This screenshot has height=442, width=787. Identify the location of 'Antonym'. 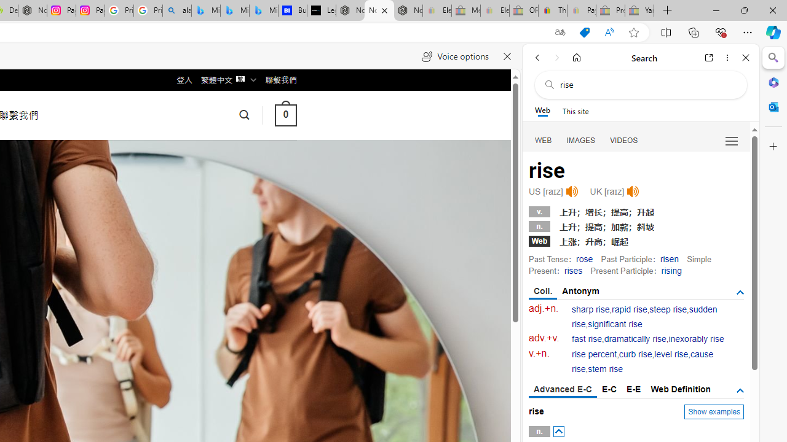
(580, 291).